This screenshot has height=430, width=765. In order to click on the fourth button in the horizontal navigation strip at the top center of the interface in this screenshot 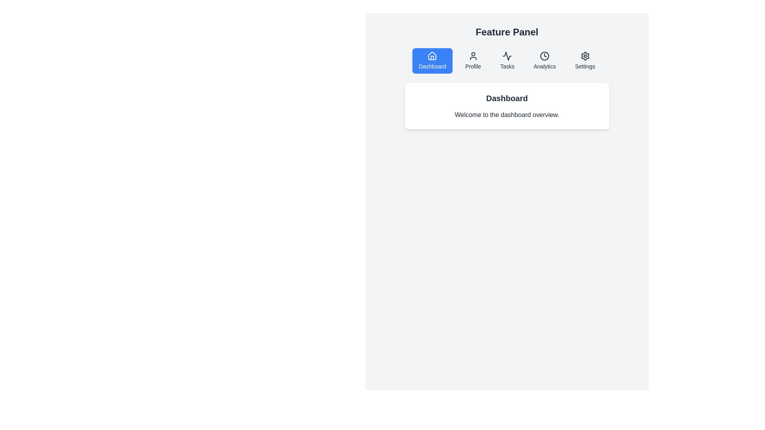, I will do `click(544, 61)`.